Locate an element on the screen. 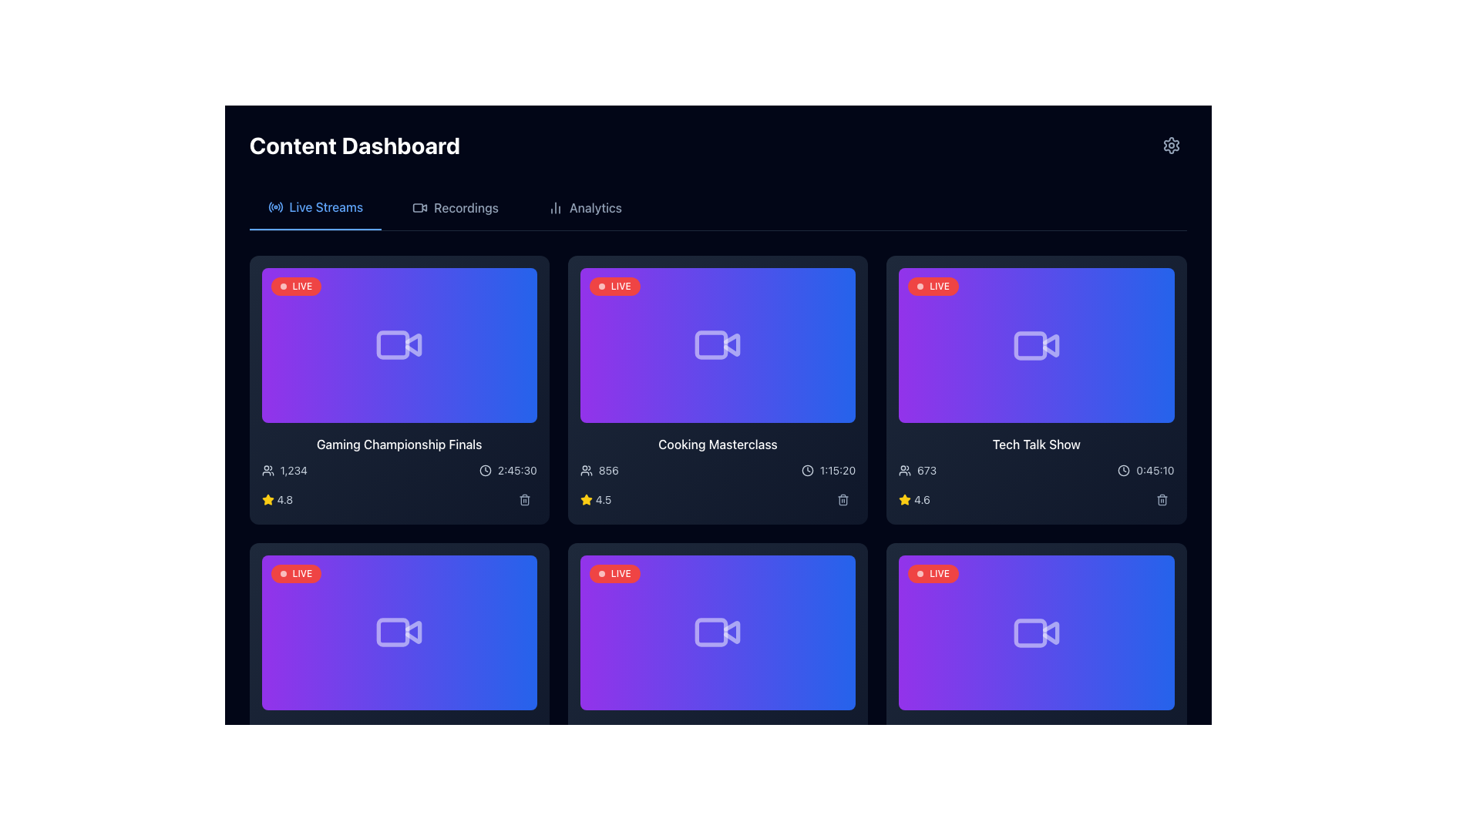 This screenshot has width=1480, height=832. the status indicator badge located at the top-left corner of the first card in the second row, which indicates live content is located at coordinates (614, 286).